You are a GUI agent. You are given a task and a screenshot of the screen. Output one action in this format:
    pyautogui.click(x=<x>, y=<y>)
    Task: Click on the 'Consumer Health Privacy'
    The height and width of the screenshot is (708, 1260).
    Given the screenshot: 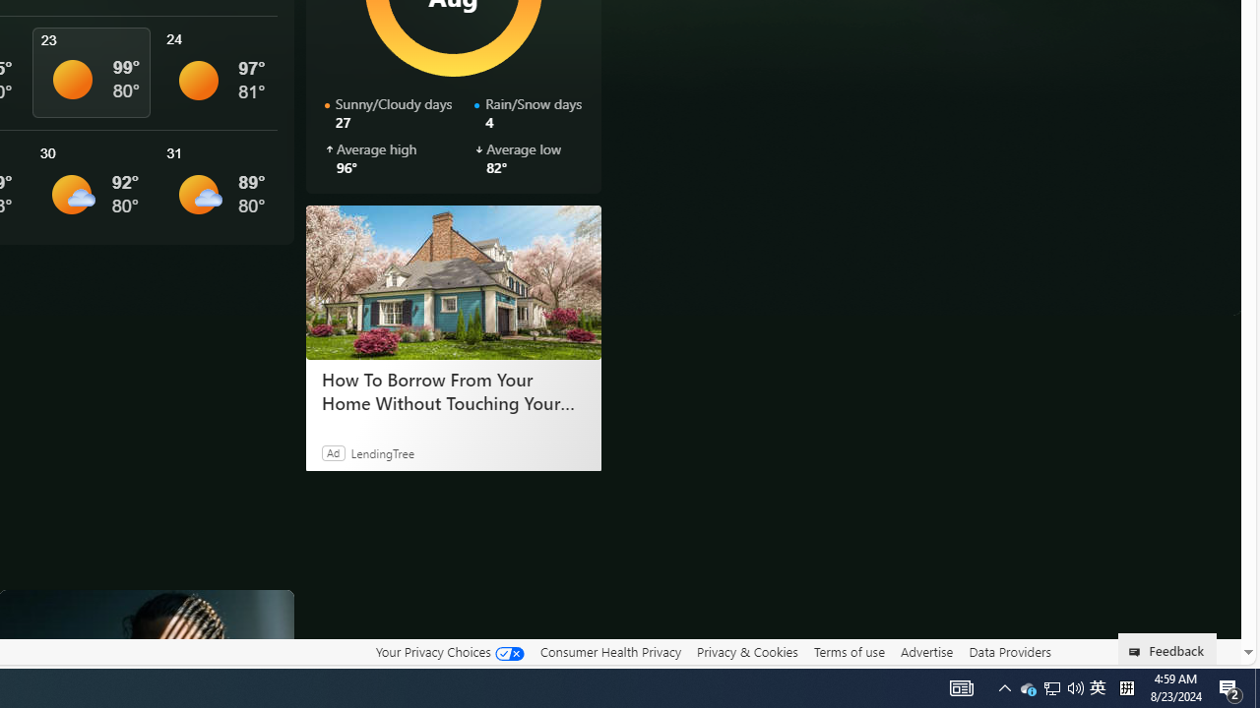 What is the action you would take?
    pyautogui.click(x=609, y=651)
    